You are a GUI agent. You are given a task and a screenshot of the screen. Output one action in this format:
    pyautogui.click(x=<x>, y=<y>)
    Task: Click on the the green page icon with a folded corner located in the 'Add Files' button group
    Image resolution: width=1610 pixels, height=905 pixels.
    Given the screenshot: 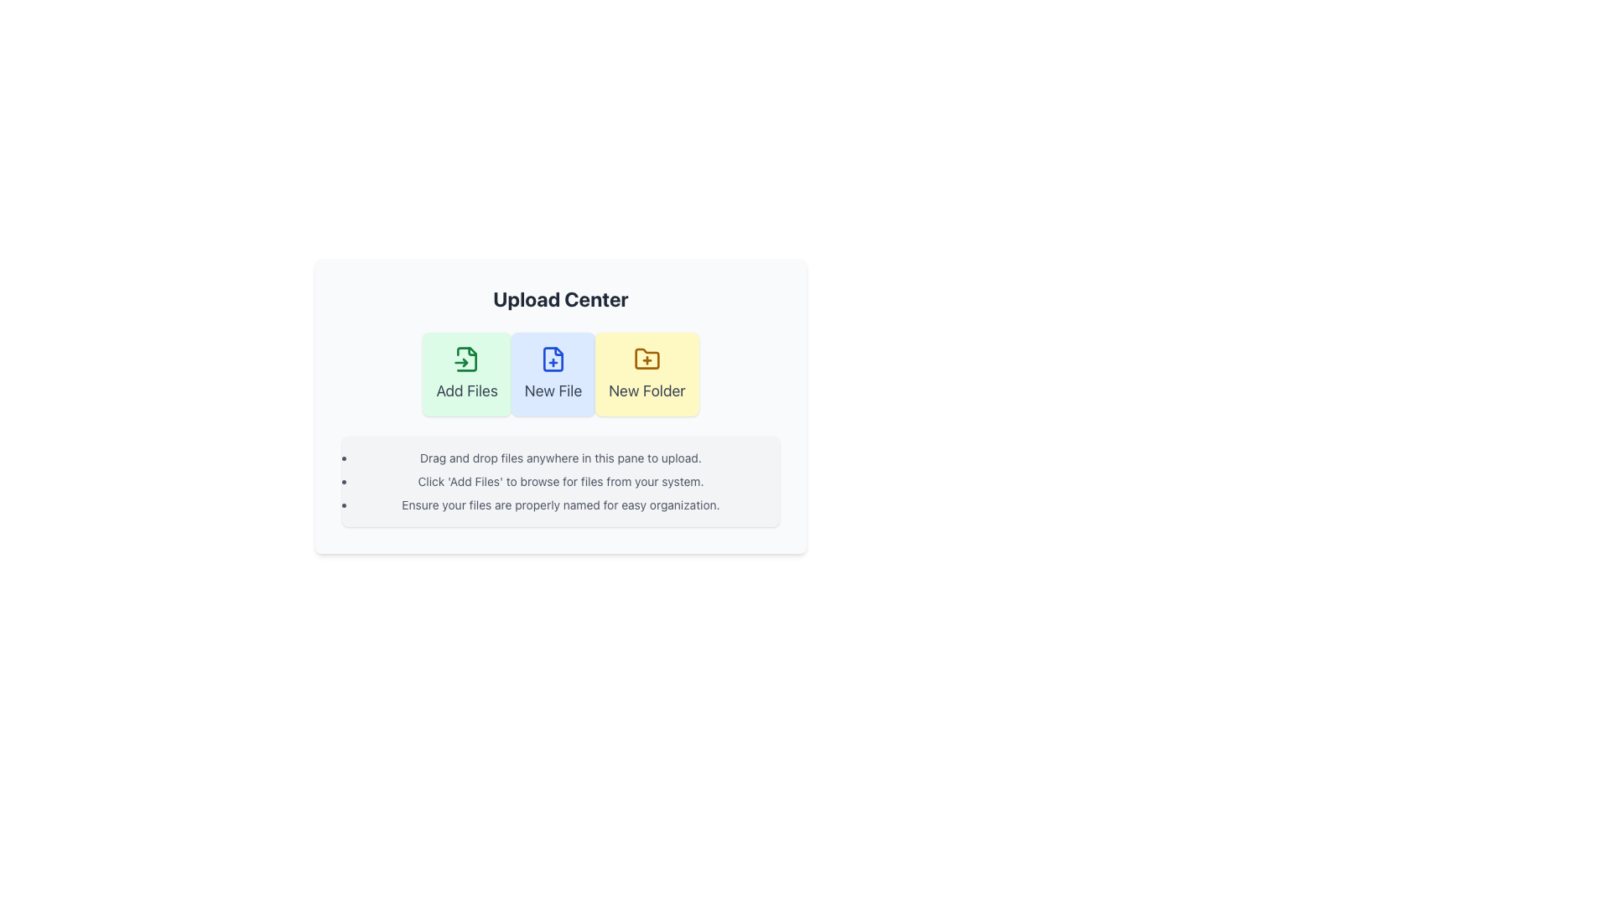 What is the action you would take?
    pyautogui.click(x=466, y=358)
    